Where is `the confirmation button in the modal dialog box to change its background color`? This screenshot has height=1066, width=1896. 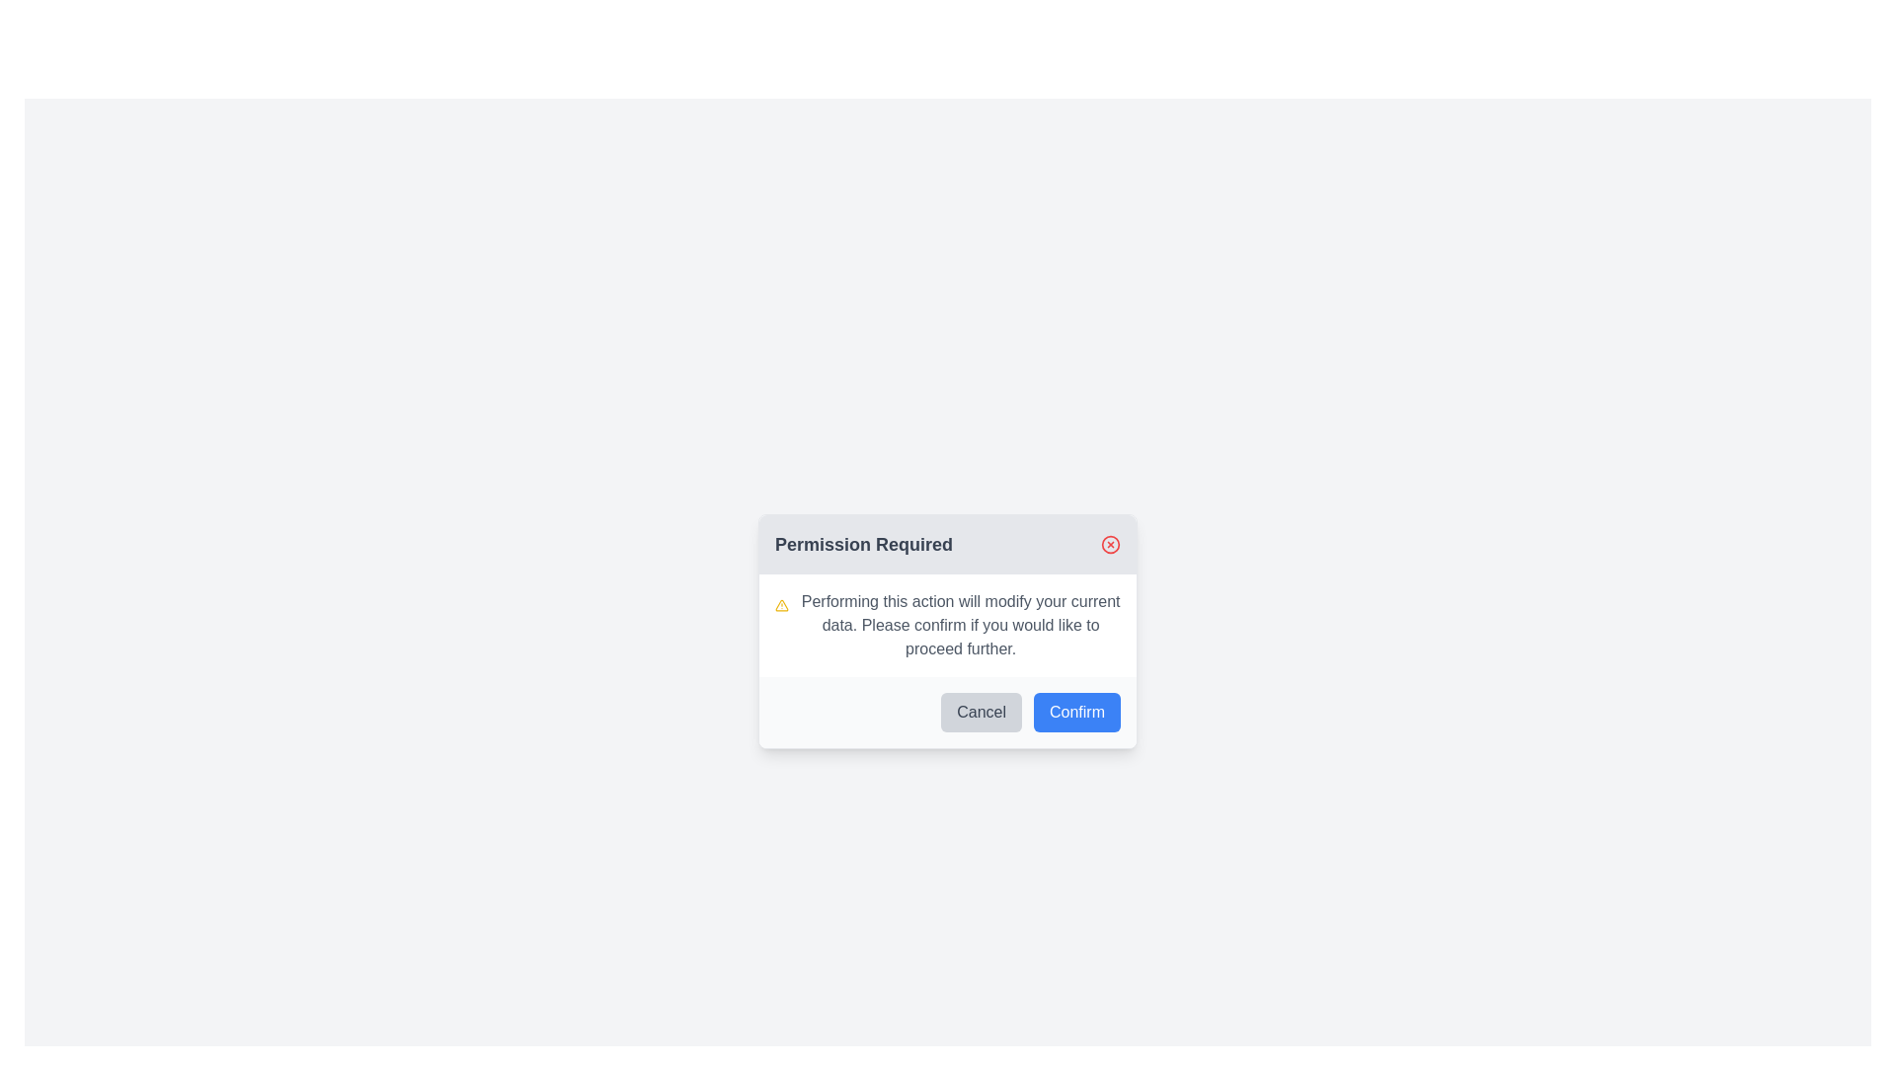 the confirmation button in the modal dialog box to change its background color is located at coordinates (1075, 712).